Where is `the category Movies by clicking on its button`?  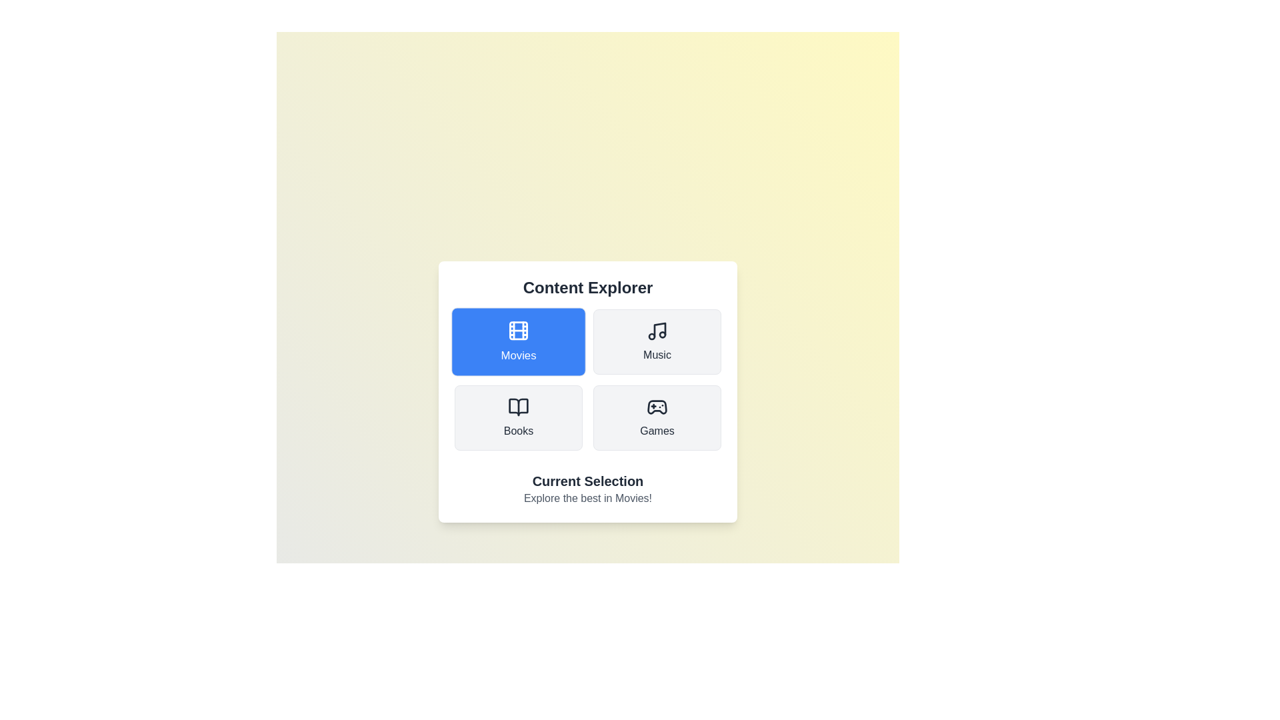
the category Movies by clicking on its button is located at coordinates (517, 341).